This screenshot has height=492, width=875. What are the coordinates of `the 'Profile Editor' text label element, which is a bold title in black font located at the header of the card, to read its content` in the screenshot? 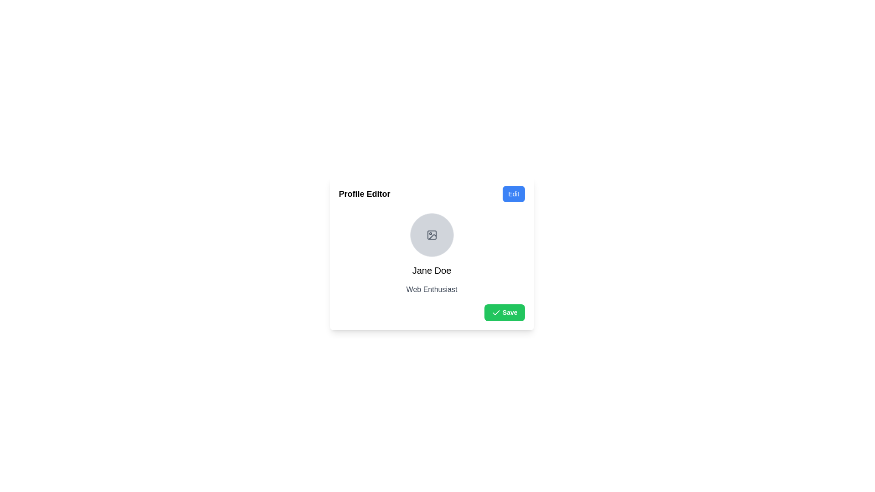 It's located at (365, 193).